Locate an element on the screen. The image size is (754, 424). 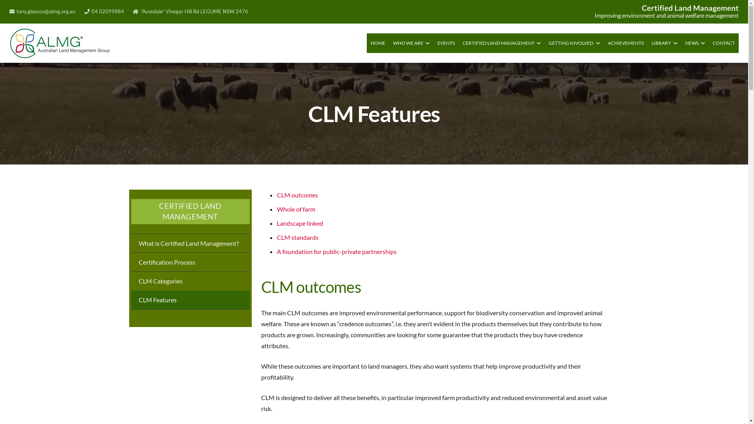
'What is Certified Land Management?' is located at coordinates (190, 242).